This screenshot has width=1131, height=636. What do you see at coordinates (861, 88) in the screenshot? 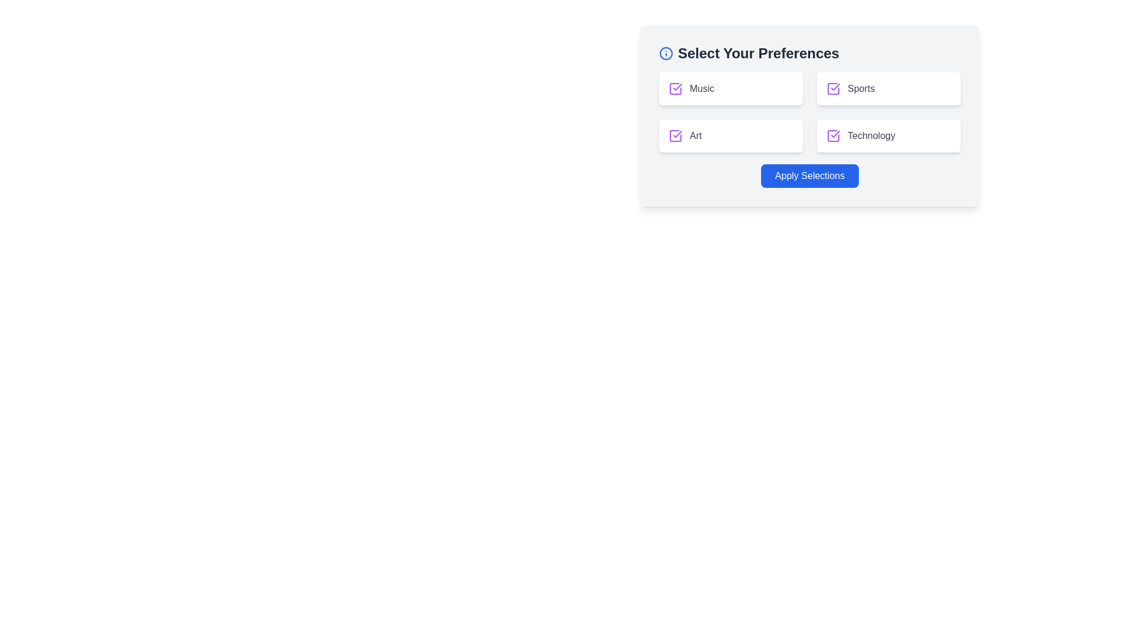
I see `the 'Sports' label text, which is styled in gray color with medium font weight and located in the second row, second column of the preference selection interface` at bounding box center [861, 88].